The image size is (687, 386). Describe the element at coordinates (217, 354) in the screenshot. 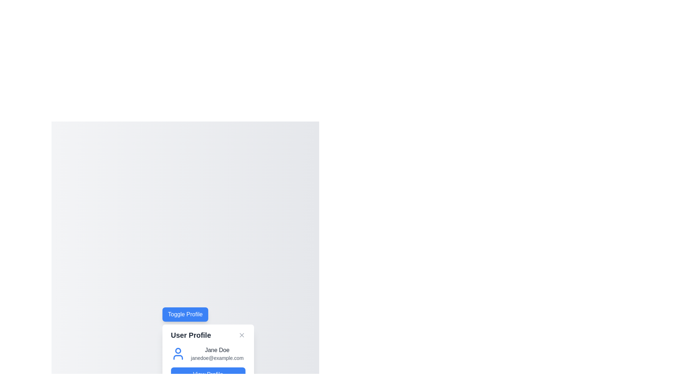

I see `the text label displaying 'Jane Doe' and 'janedoe@example.com' within the 'User Profile' modal` at that location.